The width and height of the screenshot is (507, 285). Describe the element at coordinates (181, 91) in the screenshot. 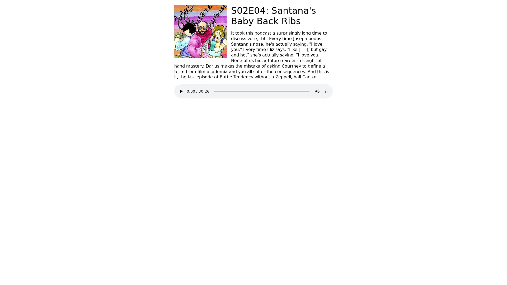

I see `play` at that location.